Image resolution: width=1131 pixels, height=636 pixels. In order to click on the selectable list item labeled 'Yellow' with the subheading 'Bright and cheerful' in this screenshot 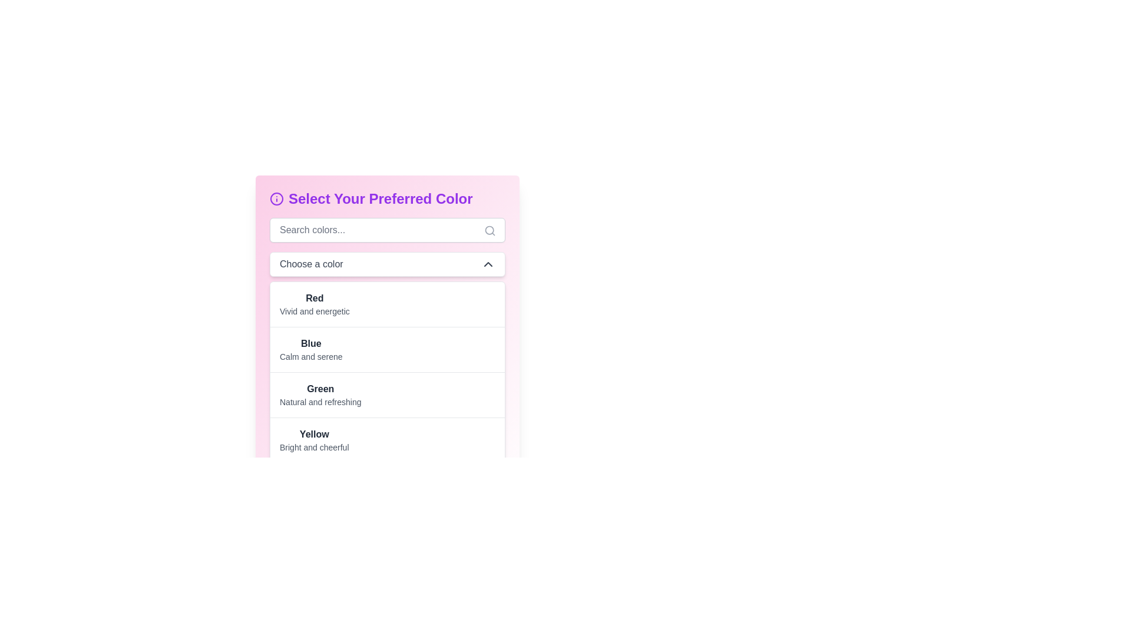, I will do `click(387, 440)`.